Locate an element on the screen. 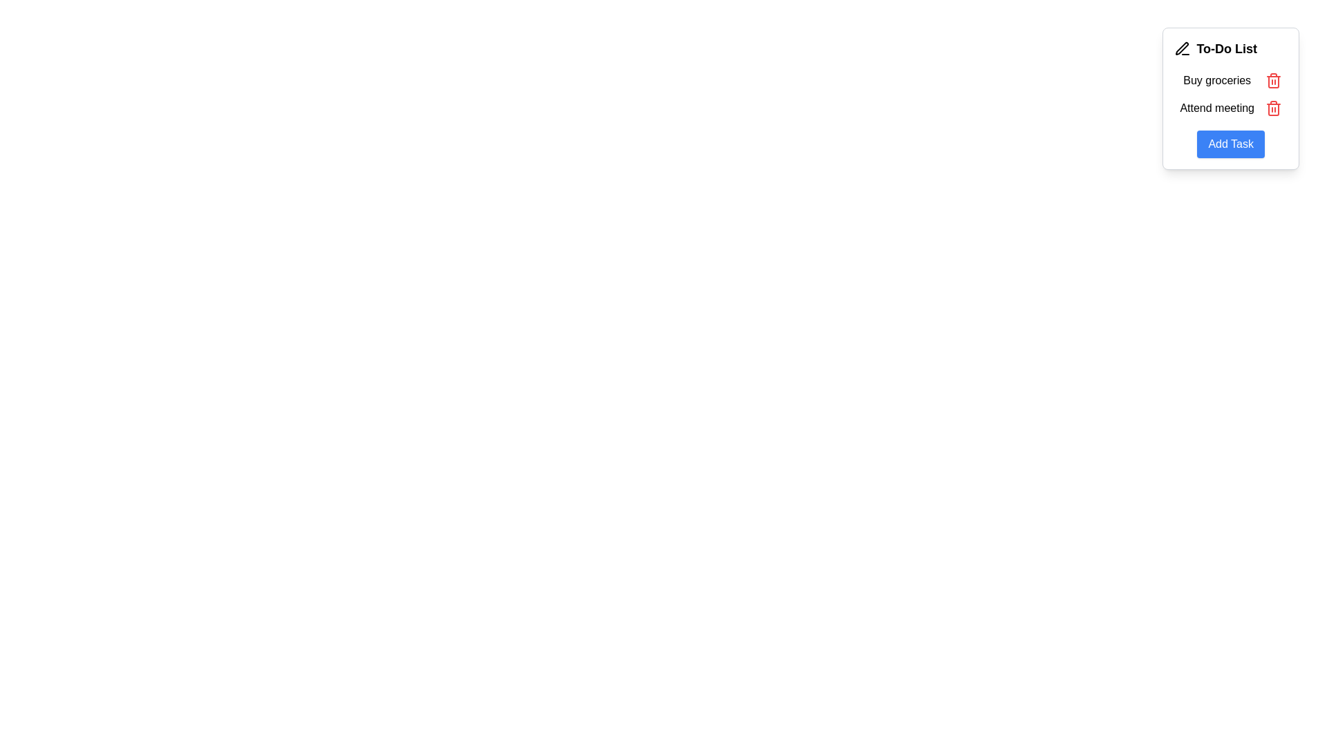 The image size is (1327, 746). the delete button located to the right of the 'Attend meeting' text in the second row of the to-do list to change its background color is located at coordinates (1273, 108).